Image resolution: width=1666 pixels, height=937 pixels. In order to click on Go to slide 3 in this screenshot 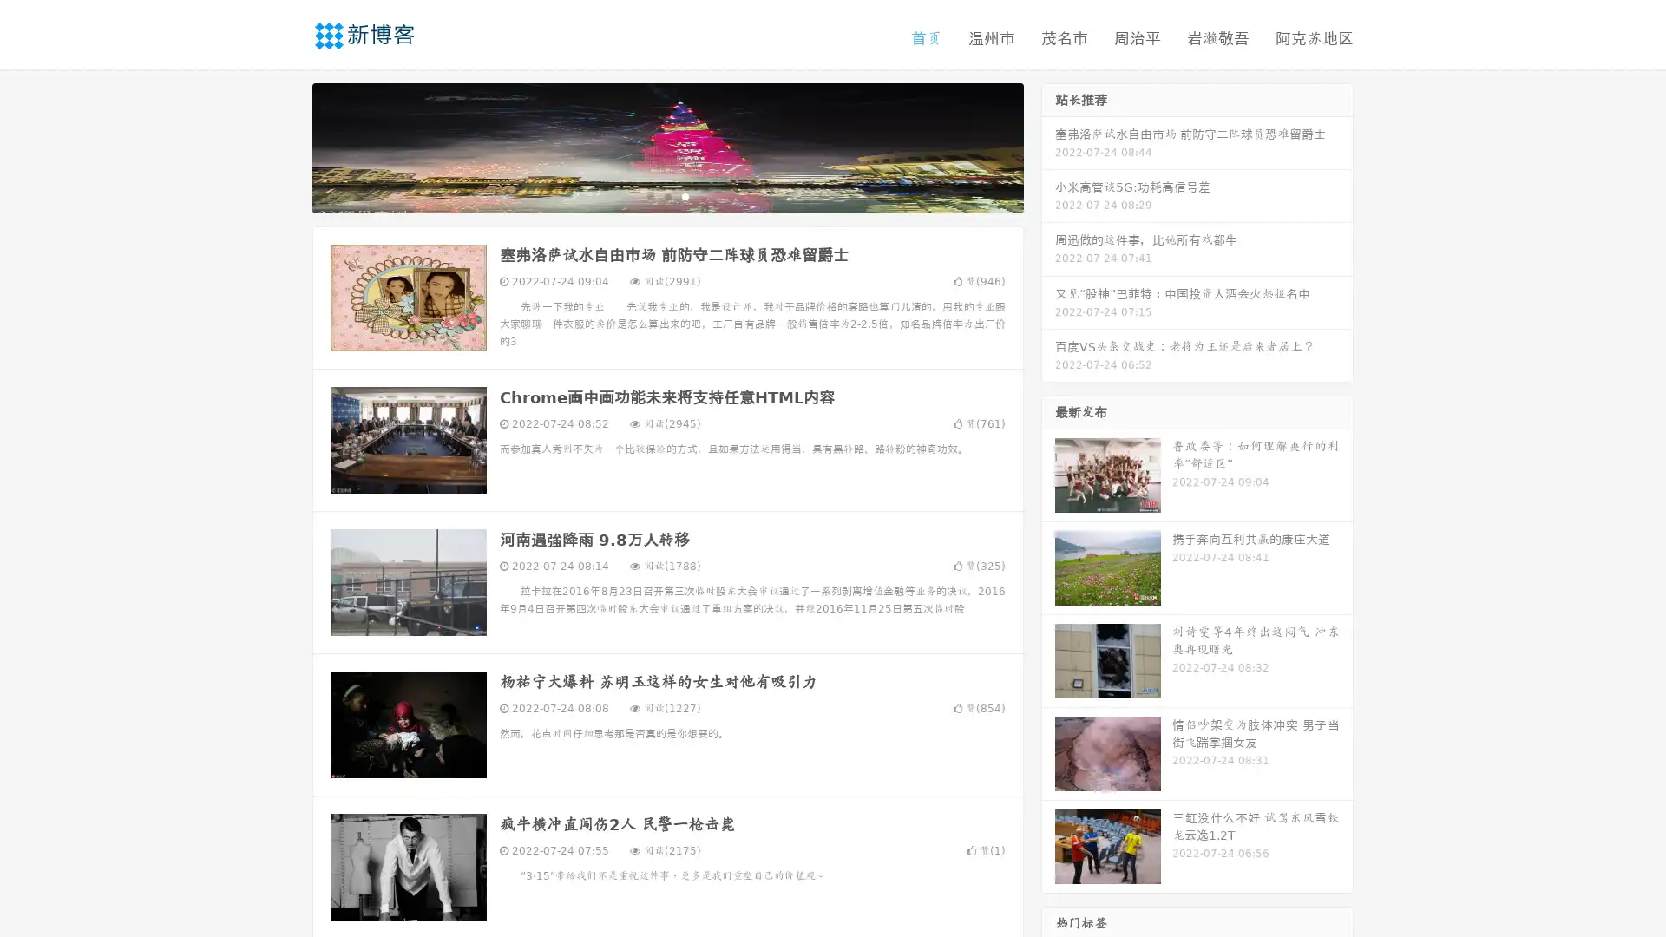, I will do `click(685, 195)`.